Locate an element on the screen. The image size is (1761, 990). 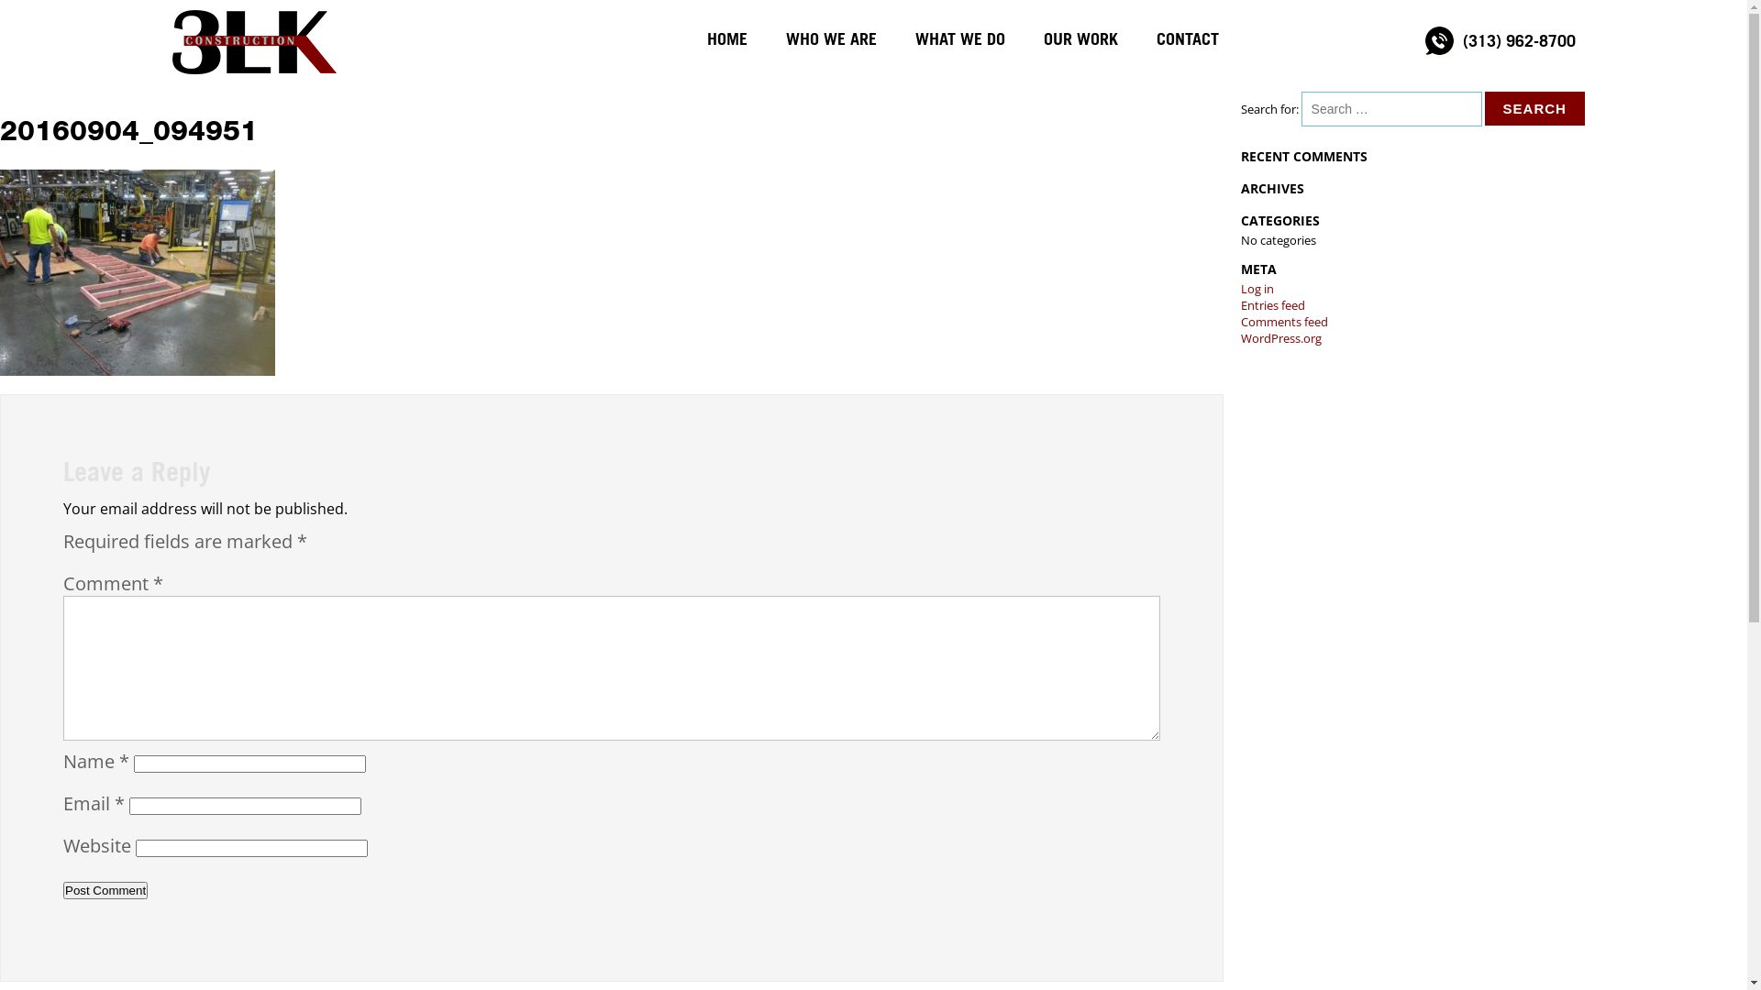
'OUR WORK' is located at coordinates (1080, 38).